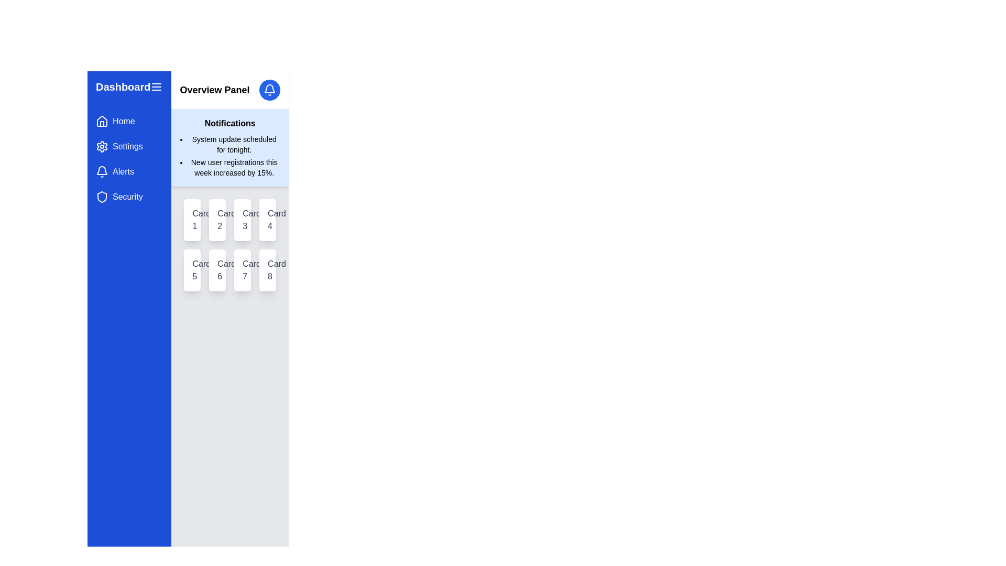 The image size is (1006, 566). Describe the element at coordinates (192, 220) in the screenshot. I see `the Card element with a white background, containing the text 'Card 1' in gray, positioned as the first card in the grid` at that location.